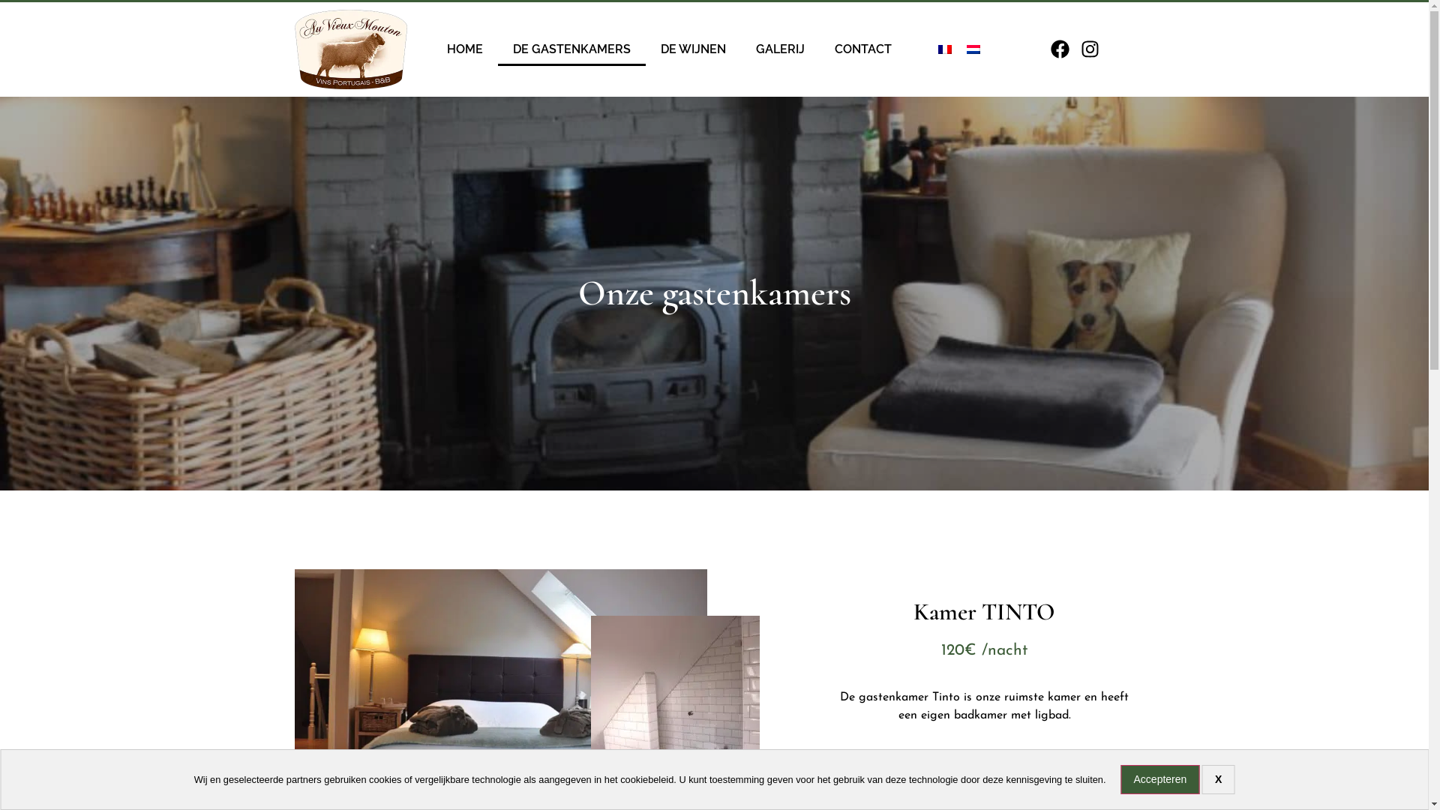  Describe the element at coordinates (819, 48) in the screenshot. I see `'CONTACT'` at that location.